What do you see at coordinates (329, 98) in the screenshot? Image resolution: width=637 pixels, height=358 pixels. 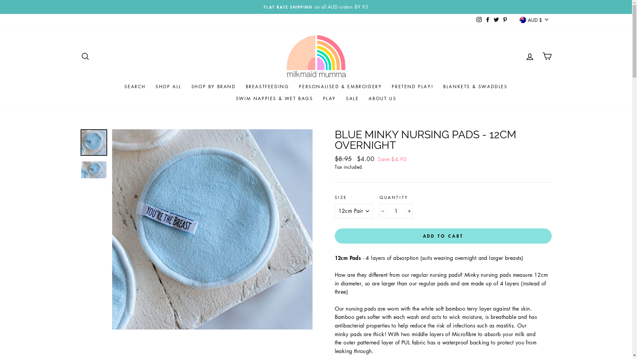 I see `'PLAY'` at bounding box center [329, 98].